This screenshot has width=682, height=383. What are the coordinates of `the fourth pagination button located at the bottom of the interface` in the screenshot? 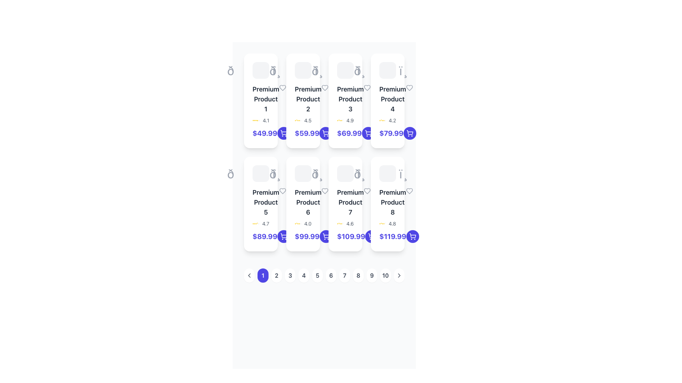 It's located at (304, 275).